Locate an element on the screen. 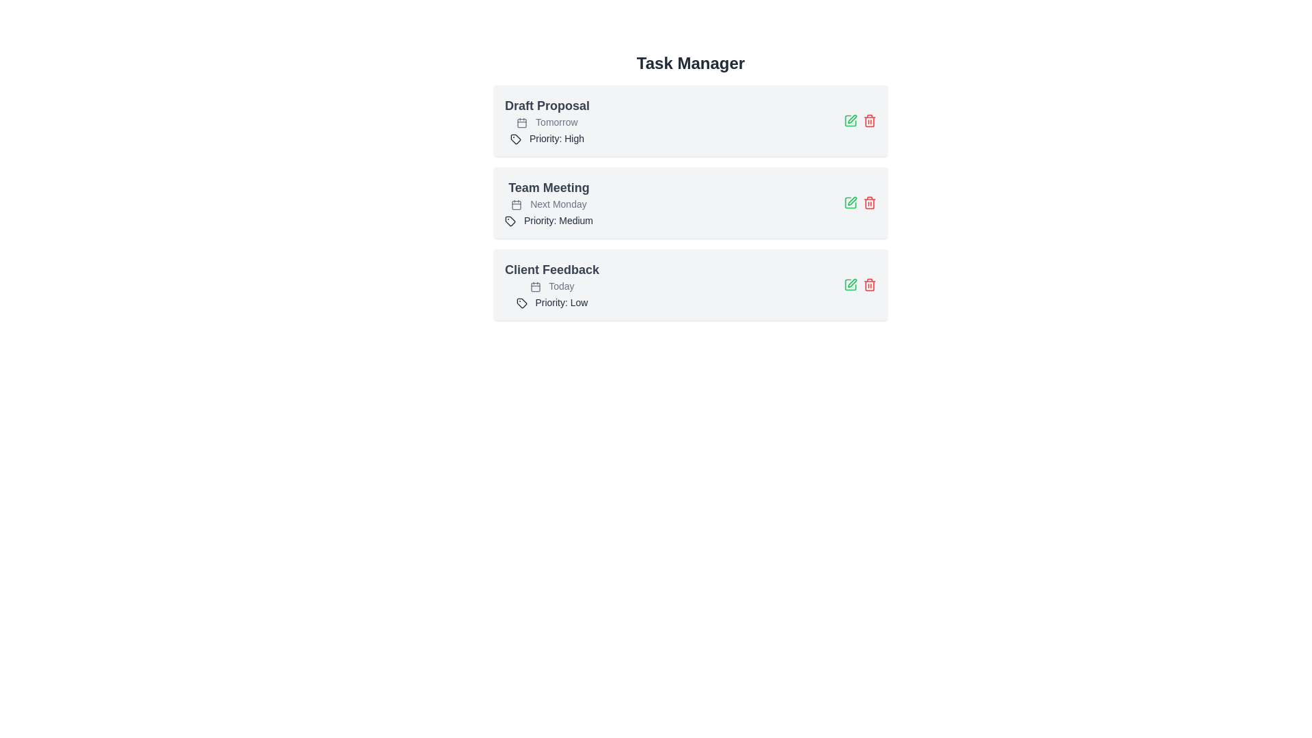 This screenshot has width=1312, height=738. the green pen icon button located to the right of the 'Team Meeting' task in the task list is located at coordinates (849, 203).